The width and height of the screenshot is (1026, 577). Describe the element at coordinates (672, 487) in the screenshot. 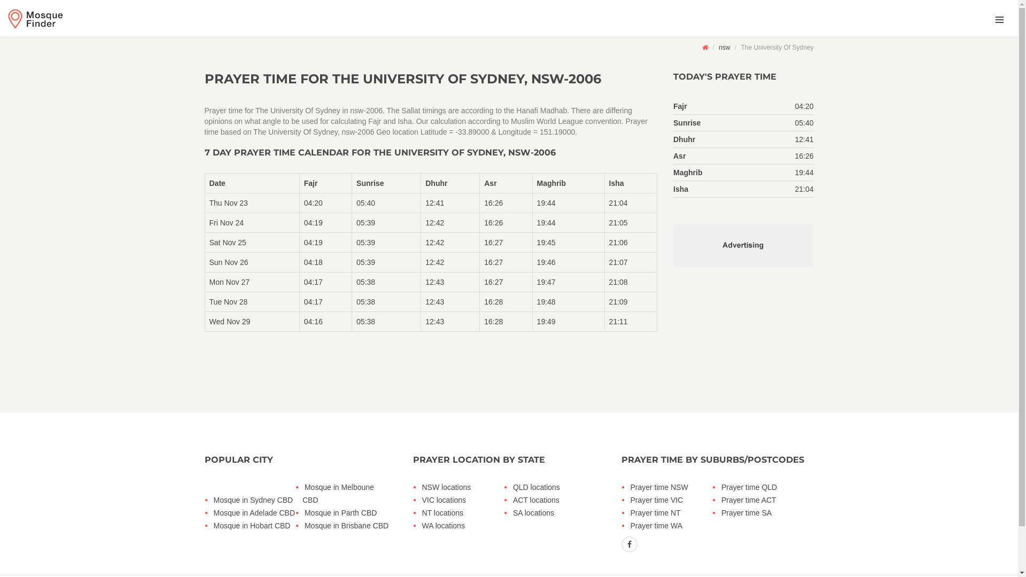

I see `'Prayer time NSW'` at that location.